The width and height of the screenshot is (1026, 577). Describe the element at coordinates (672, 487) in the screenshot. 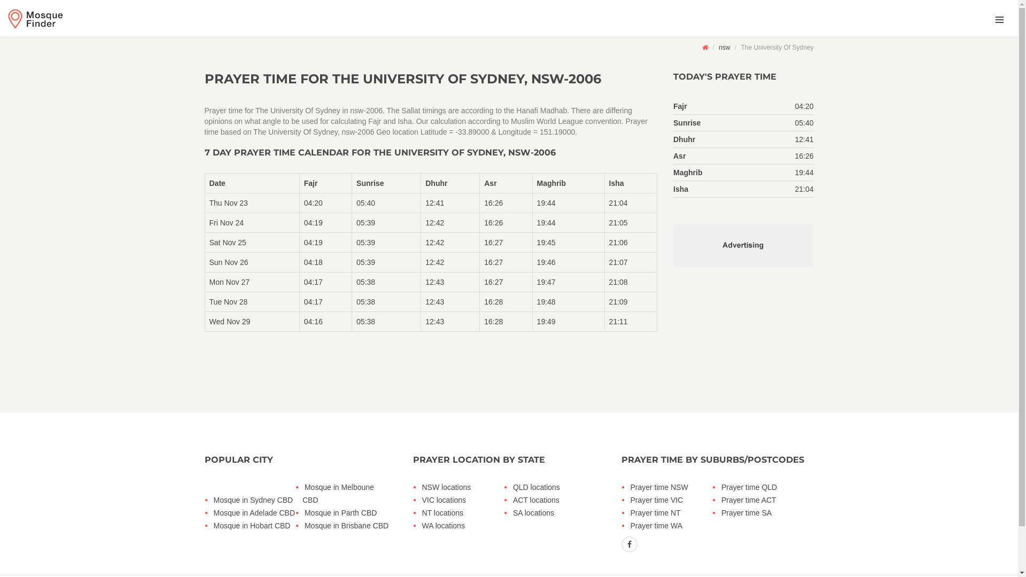

I see `'Prayer time NSW'` at that location.